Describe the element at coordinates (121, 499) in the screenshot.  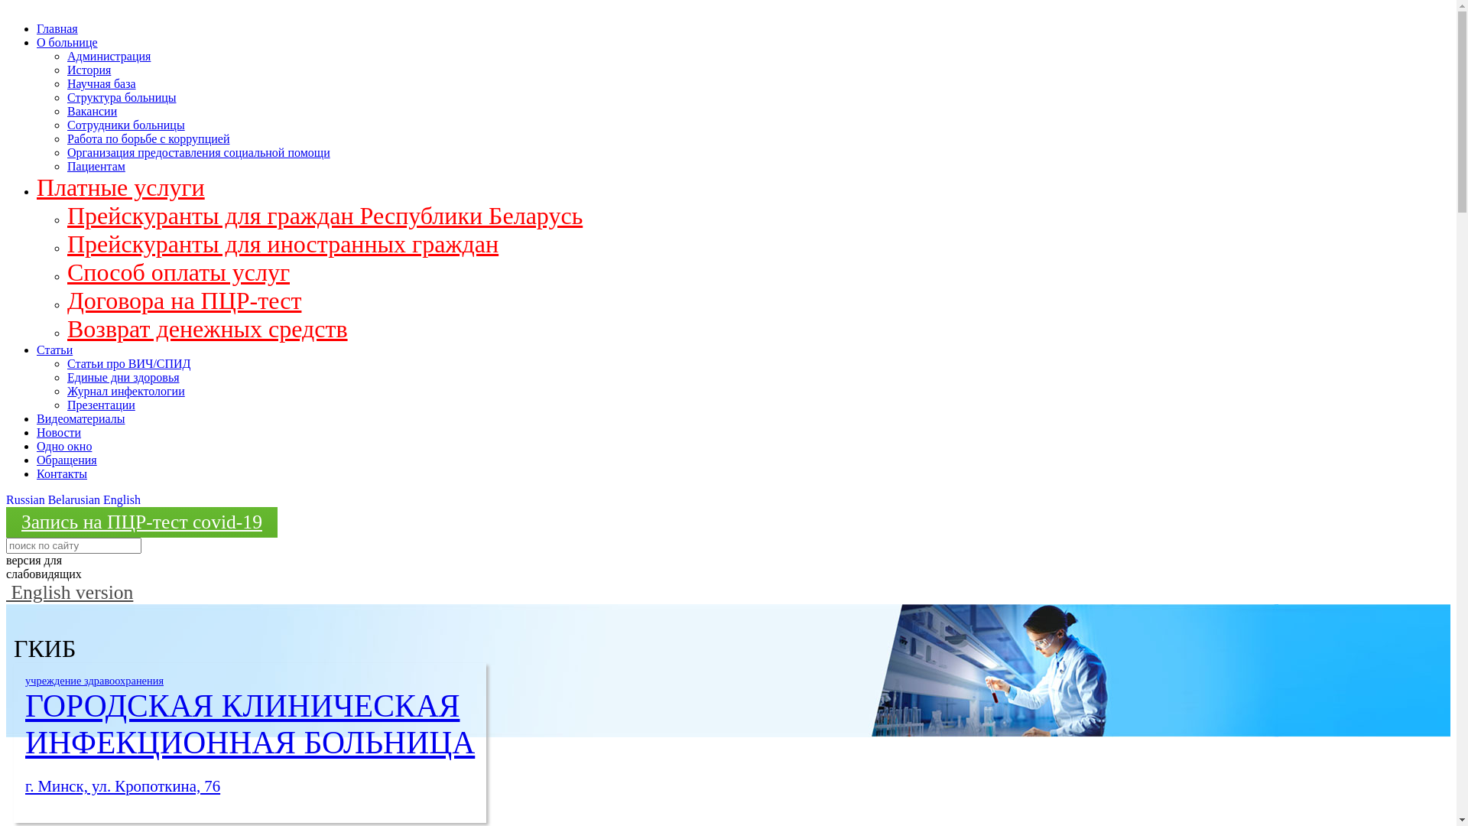
I see `'English'` at that location.